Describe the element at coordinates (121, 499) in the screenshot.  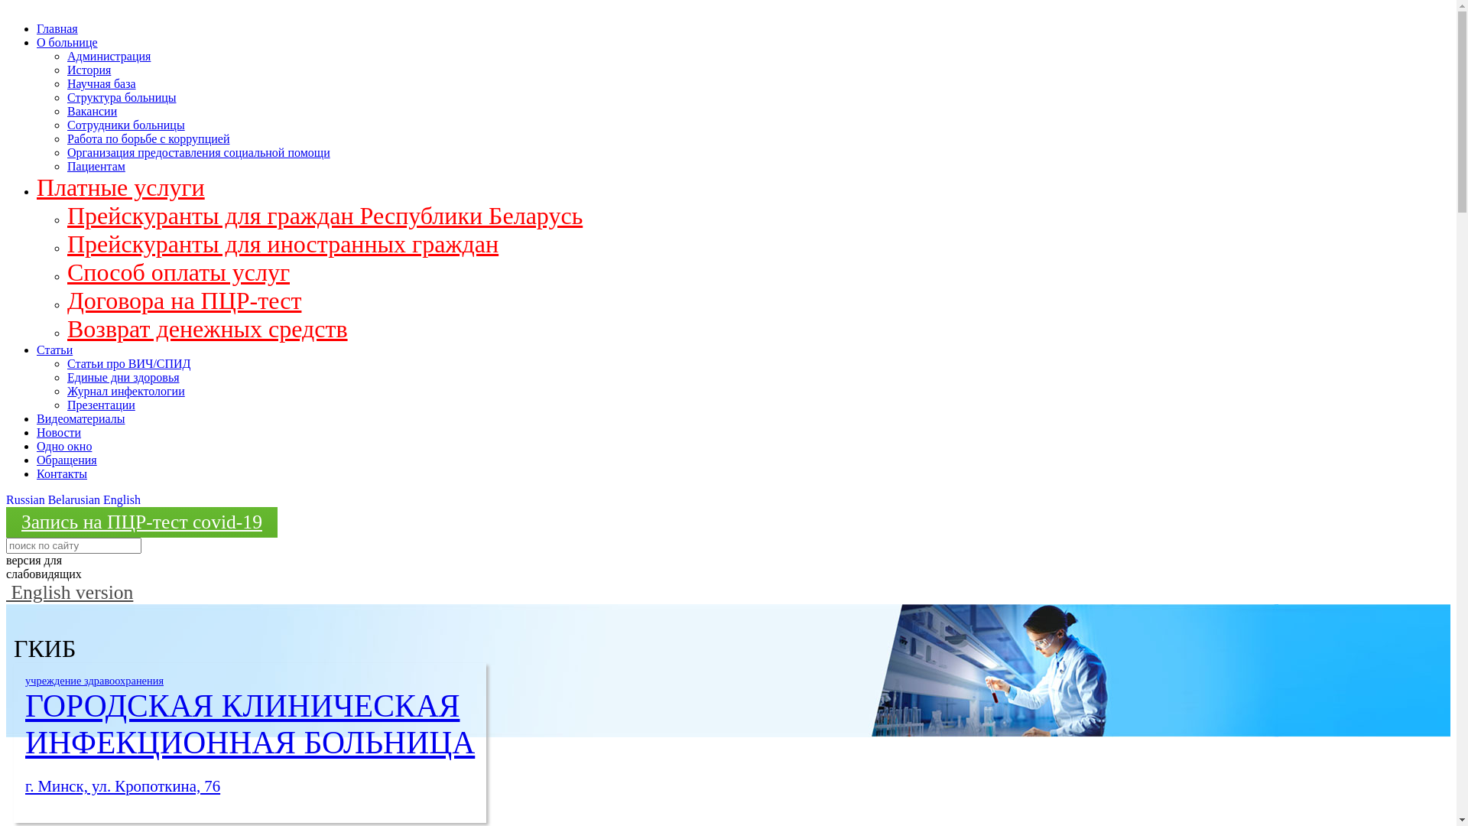
I see `'English'` at that location.